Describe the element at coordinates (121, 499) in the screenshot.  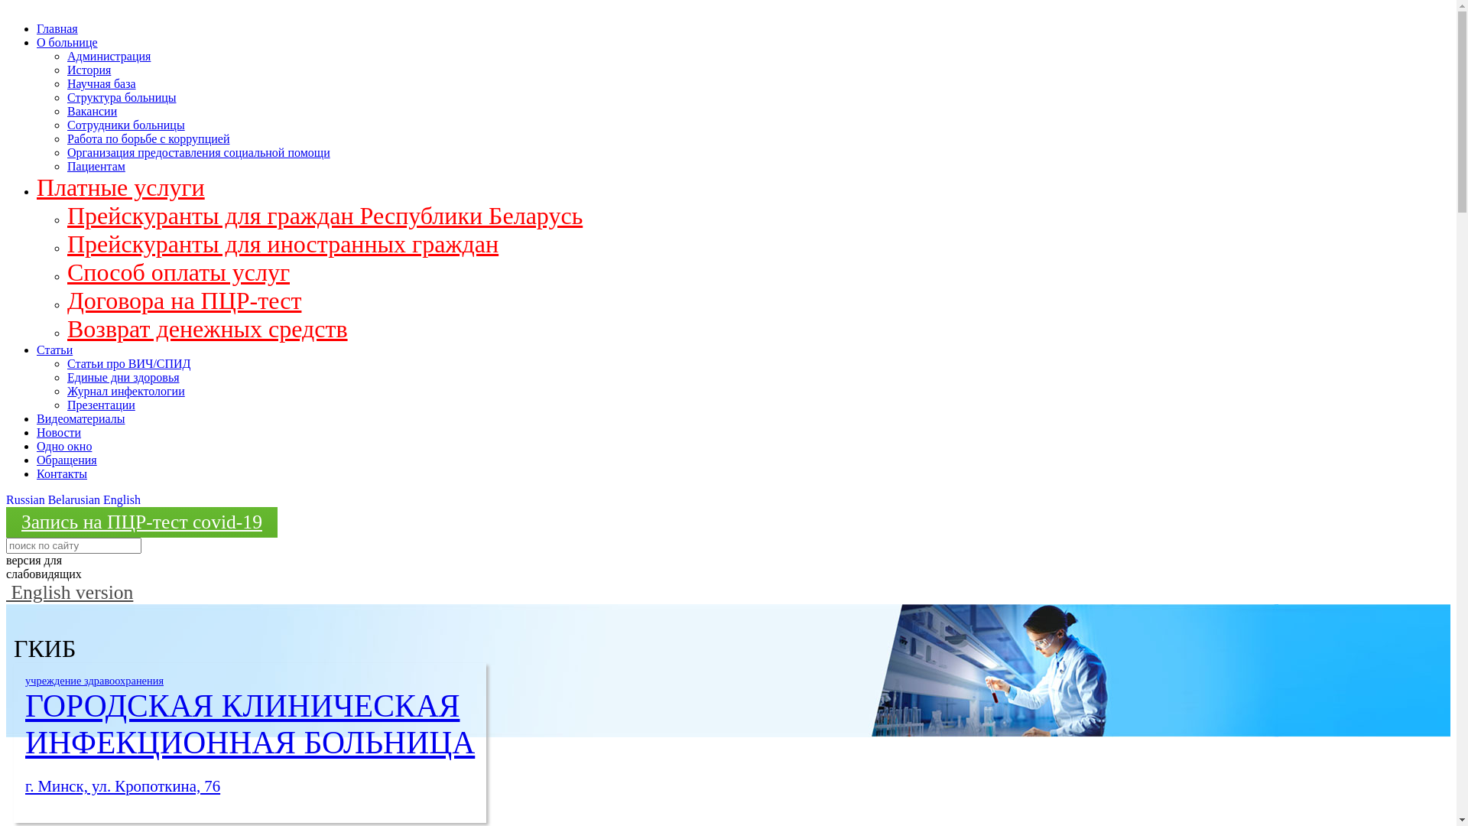
I see `'English'` at that location.